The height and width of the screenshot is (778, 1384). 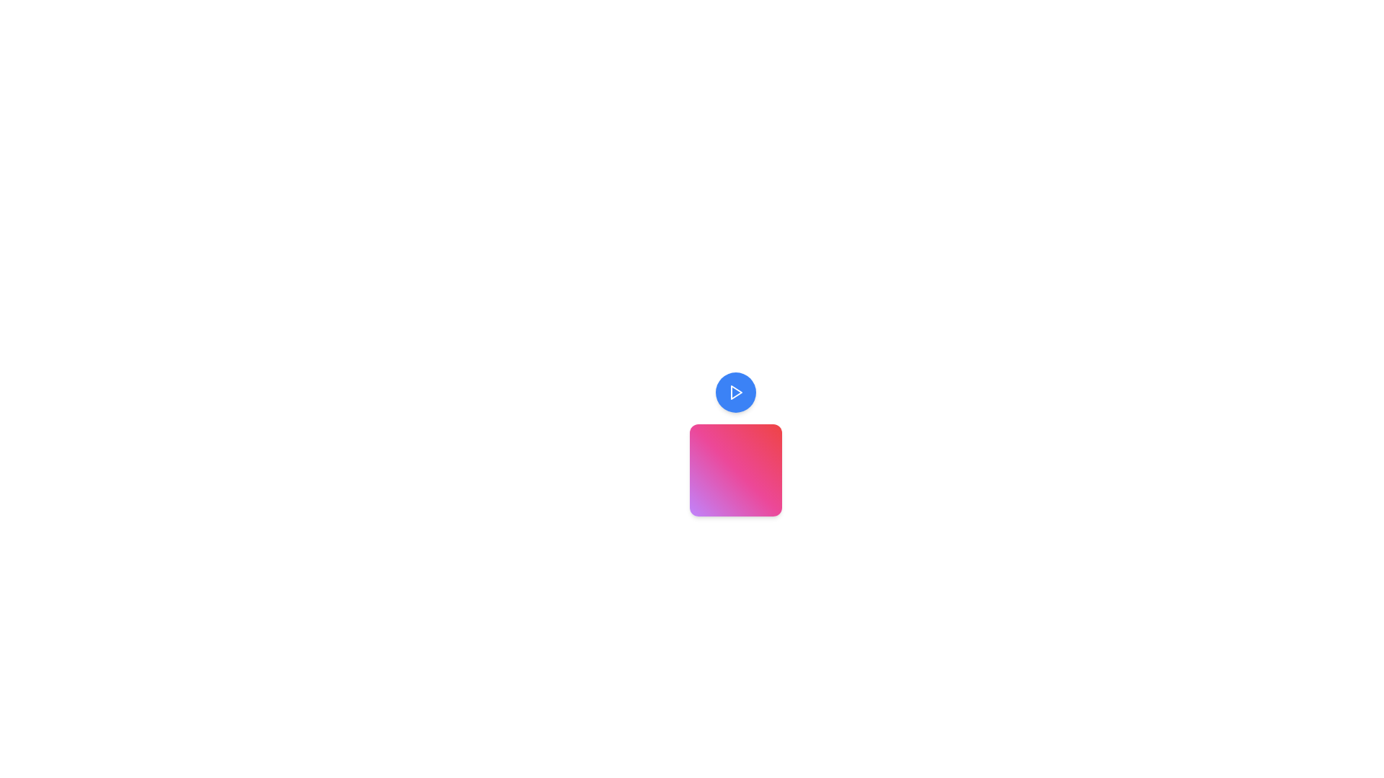 What do you see at coordinates (735, 392) in the screenshot?
I see `the circular blue button with a white play icon to observe the animation effect` at bounding box center [735, 392].